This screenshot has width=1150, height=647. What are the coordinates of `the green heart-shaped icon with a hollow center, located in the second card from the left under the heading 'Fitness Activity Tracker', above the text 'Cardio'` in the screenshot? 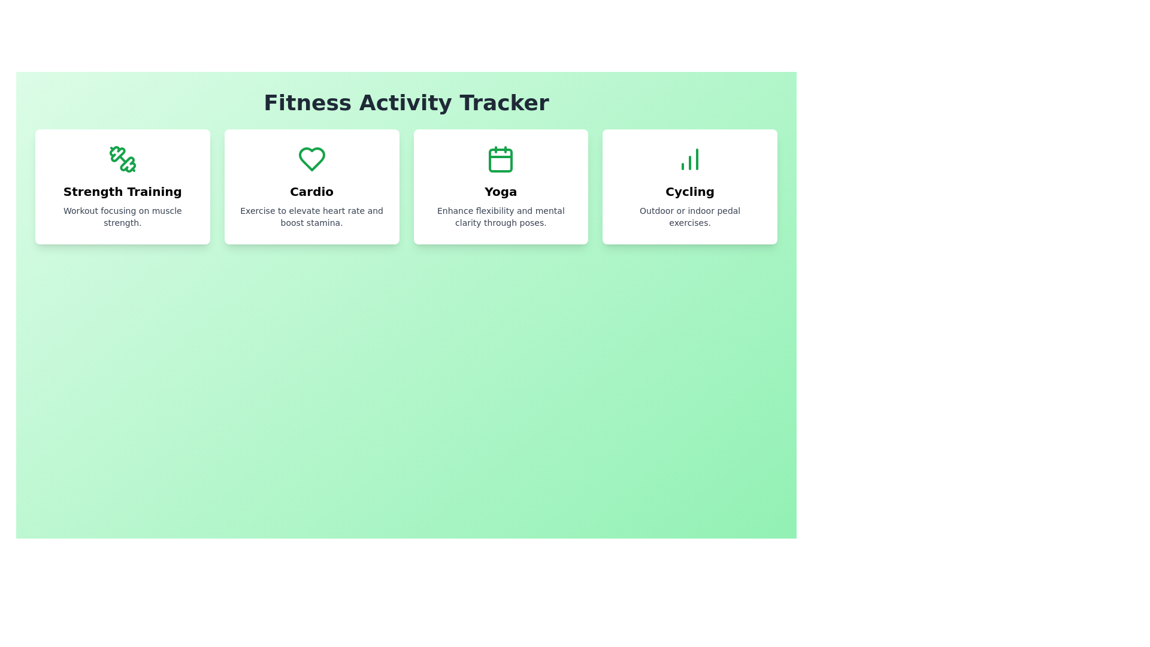 It's located at (311, 159).